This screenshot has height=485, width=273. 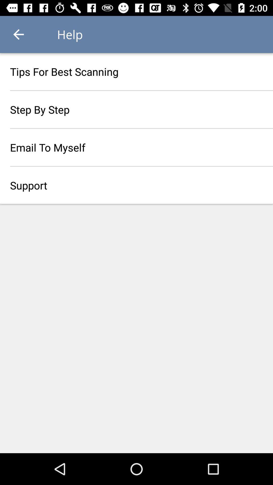 What do you see at coordinates (18, 34) in the screenshot?
I see `icon to the left of the help` at bounding box center [18, 34].